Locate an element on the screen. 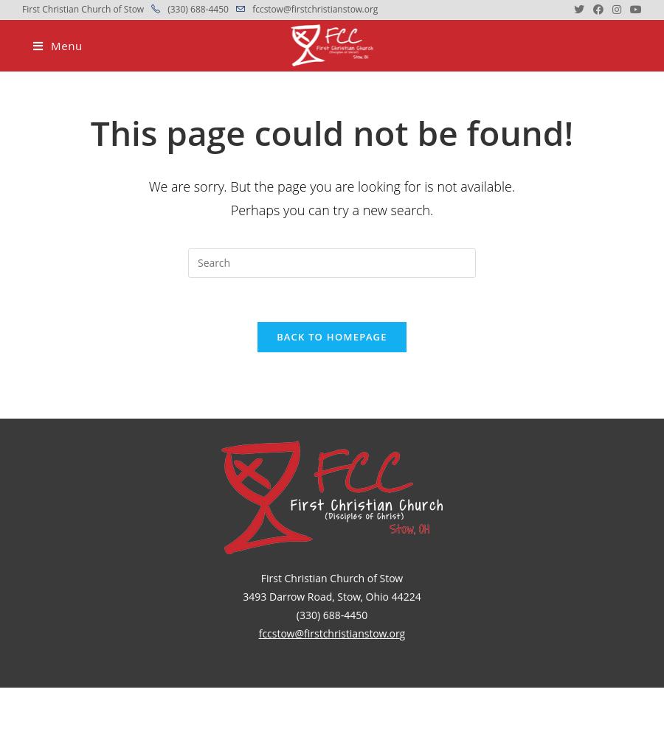 The image size is (664, 737). 'fccstow@firstchristianstow.or' is located at coordinates (258, 632).